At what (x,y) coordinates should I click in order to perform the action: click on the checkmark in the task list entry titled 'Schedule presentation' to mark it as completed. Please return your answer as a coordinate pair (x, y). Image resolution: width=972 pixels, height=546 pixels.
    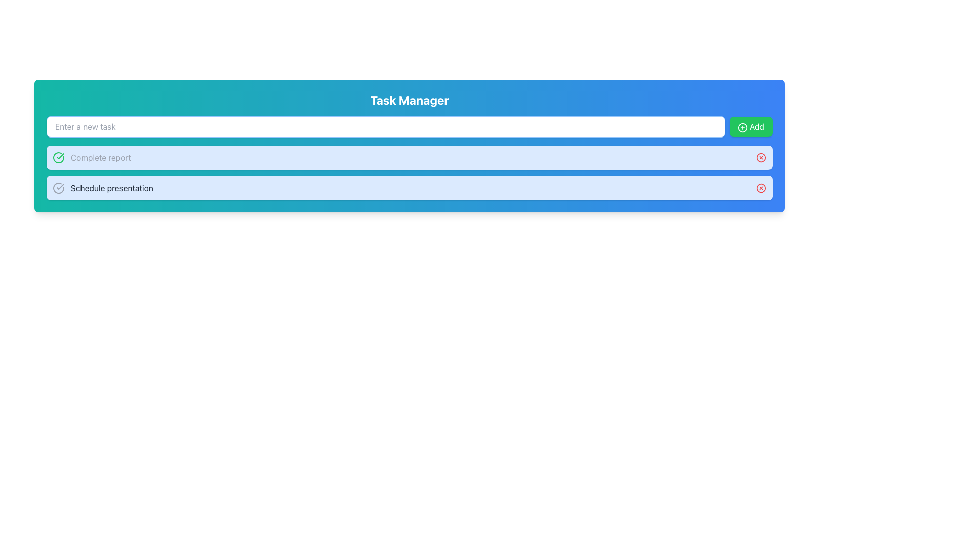
    Looking at the image, I should click on (410, 188).